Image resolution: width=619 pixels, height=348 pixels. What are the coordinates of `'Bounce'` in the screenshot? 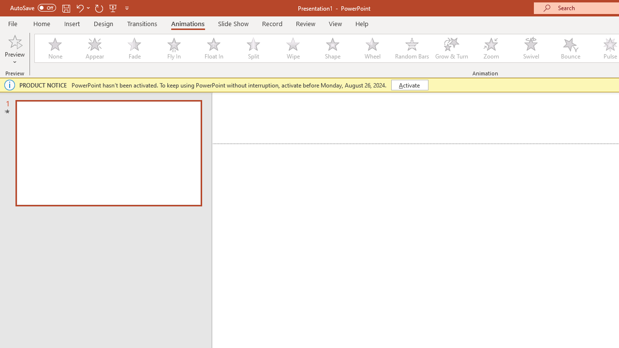 It's located at (571, 48).